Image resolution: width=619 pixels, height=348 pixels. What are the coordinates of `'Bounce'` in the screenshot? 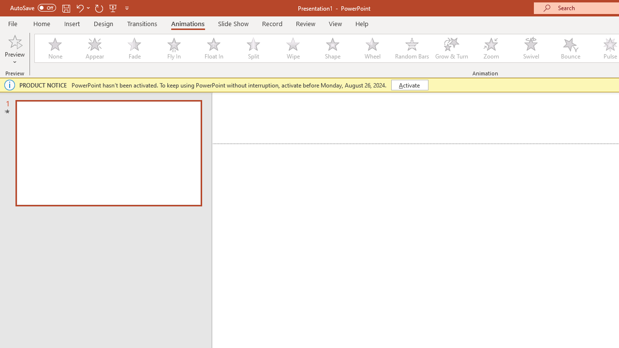 It's located at (571, 48).